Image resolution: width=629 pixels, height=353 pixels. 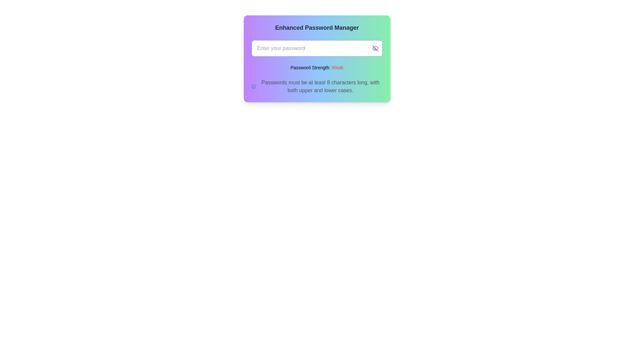 I want to click on password strength evaluation label indicating that the password is weak, which is part of the 'Password Strength:' label positioned beneath the password input field, so click(x=337, y=68).